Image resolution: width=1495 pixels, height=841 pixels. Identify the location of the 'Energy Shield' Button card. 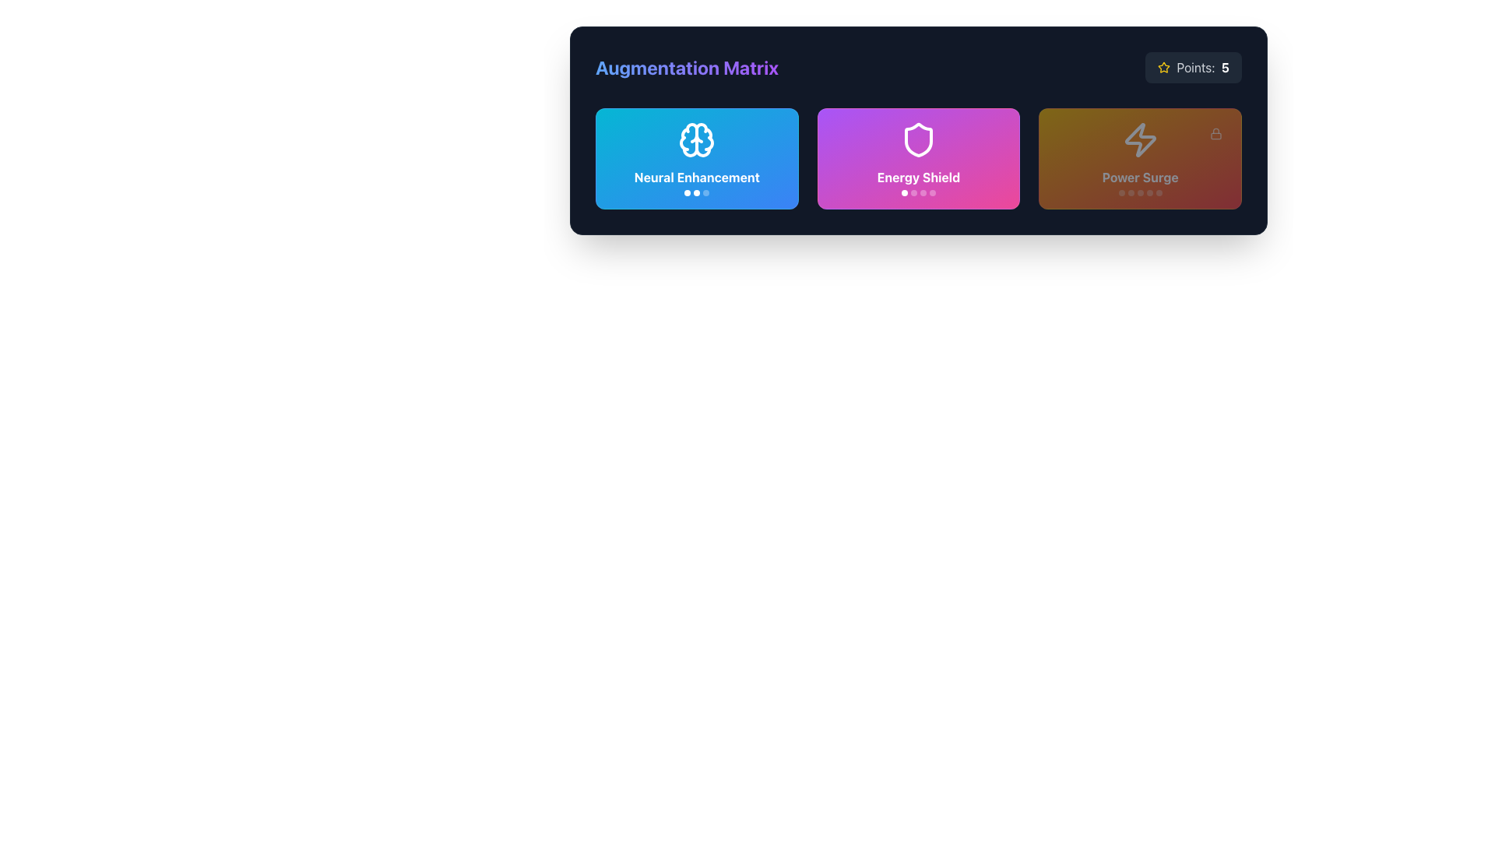
(918, 159).